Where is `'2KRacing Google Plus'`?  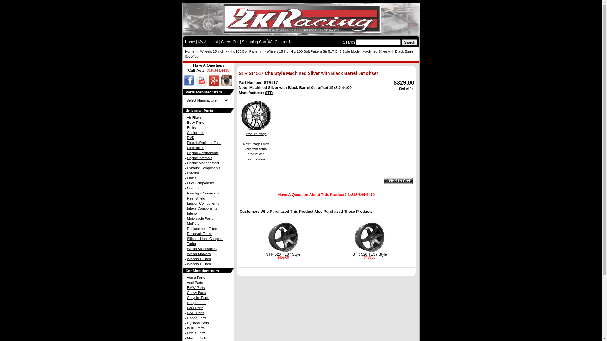
'2KRacing Google Plus' is located at coordinates (213, 84).